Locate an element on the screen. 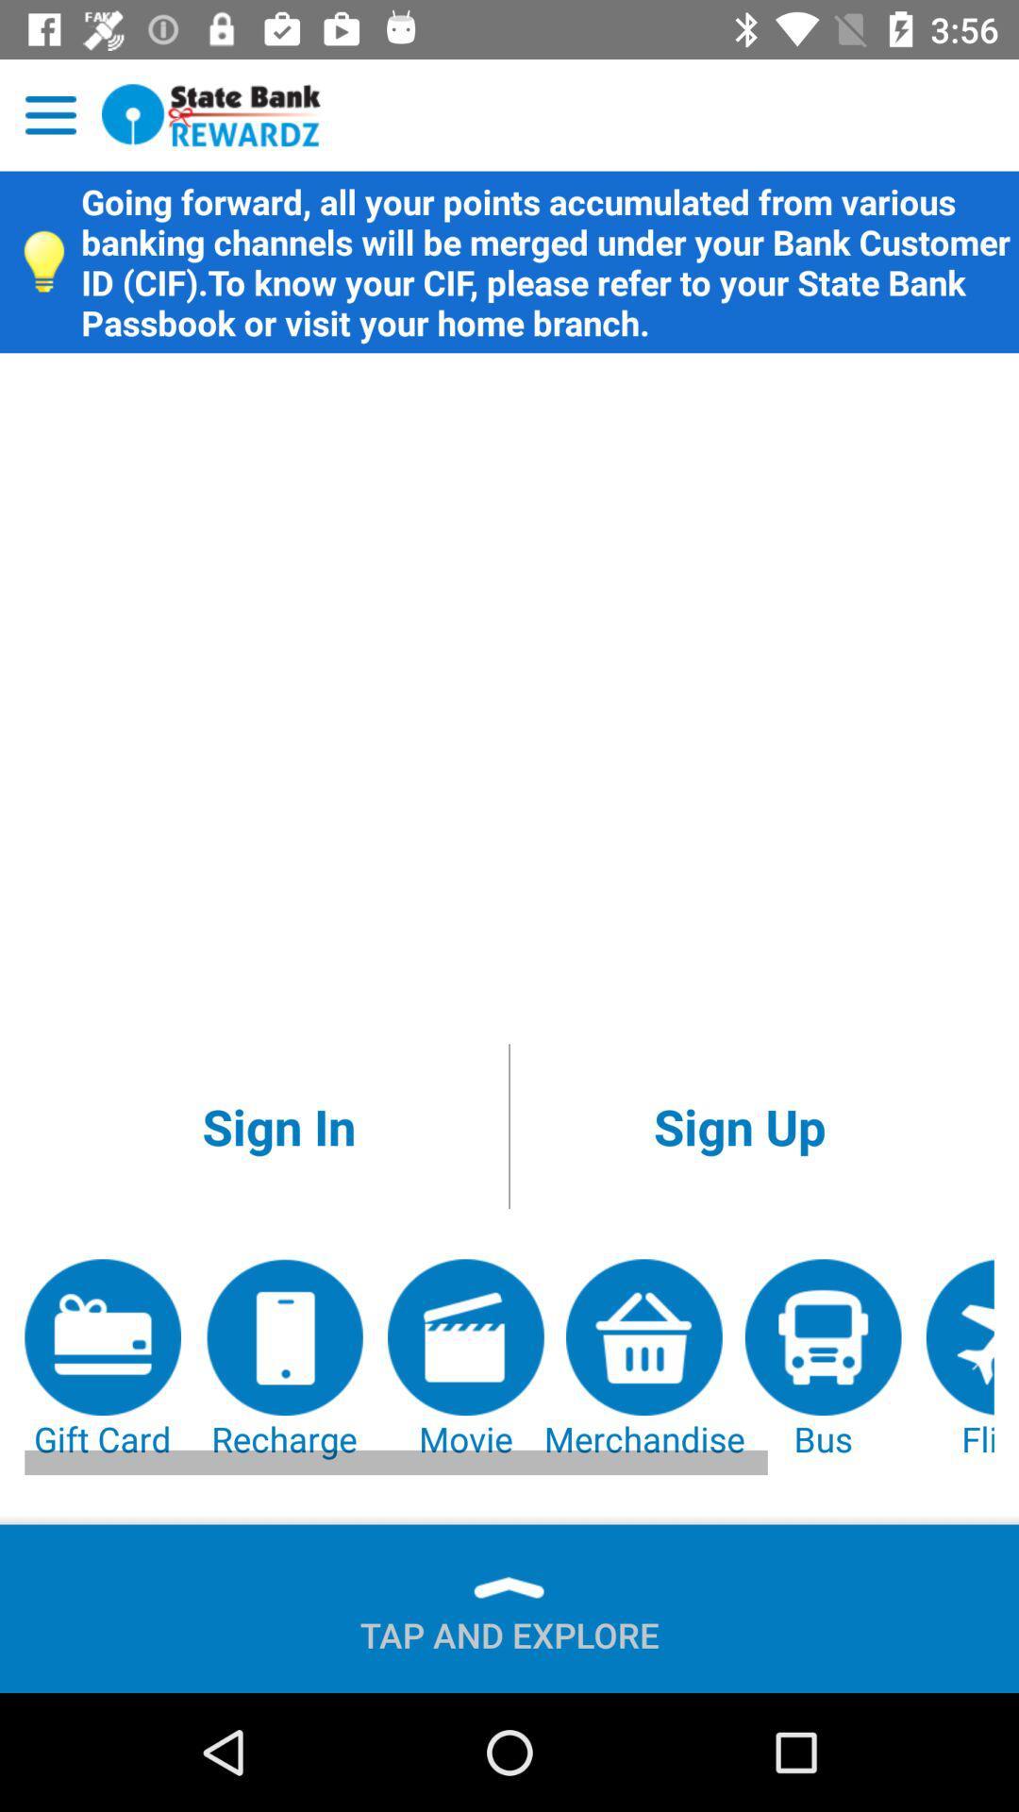  item below the going forward all item is located at coordinates (278, 1126).